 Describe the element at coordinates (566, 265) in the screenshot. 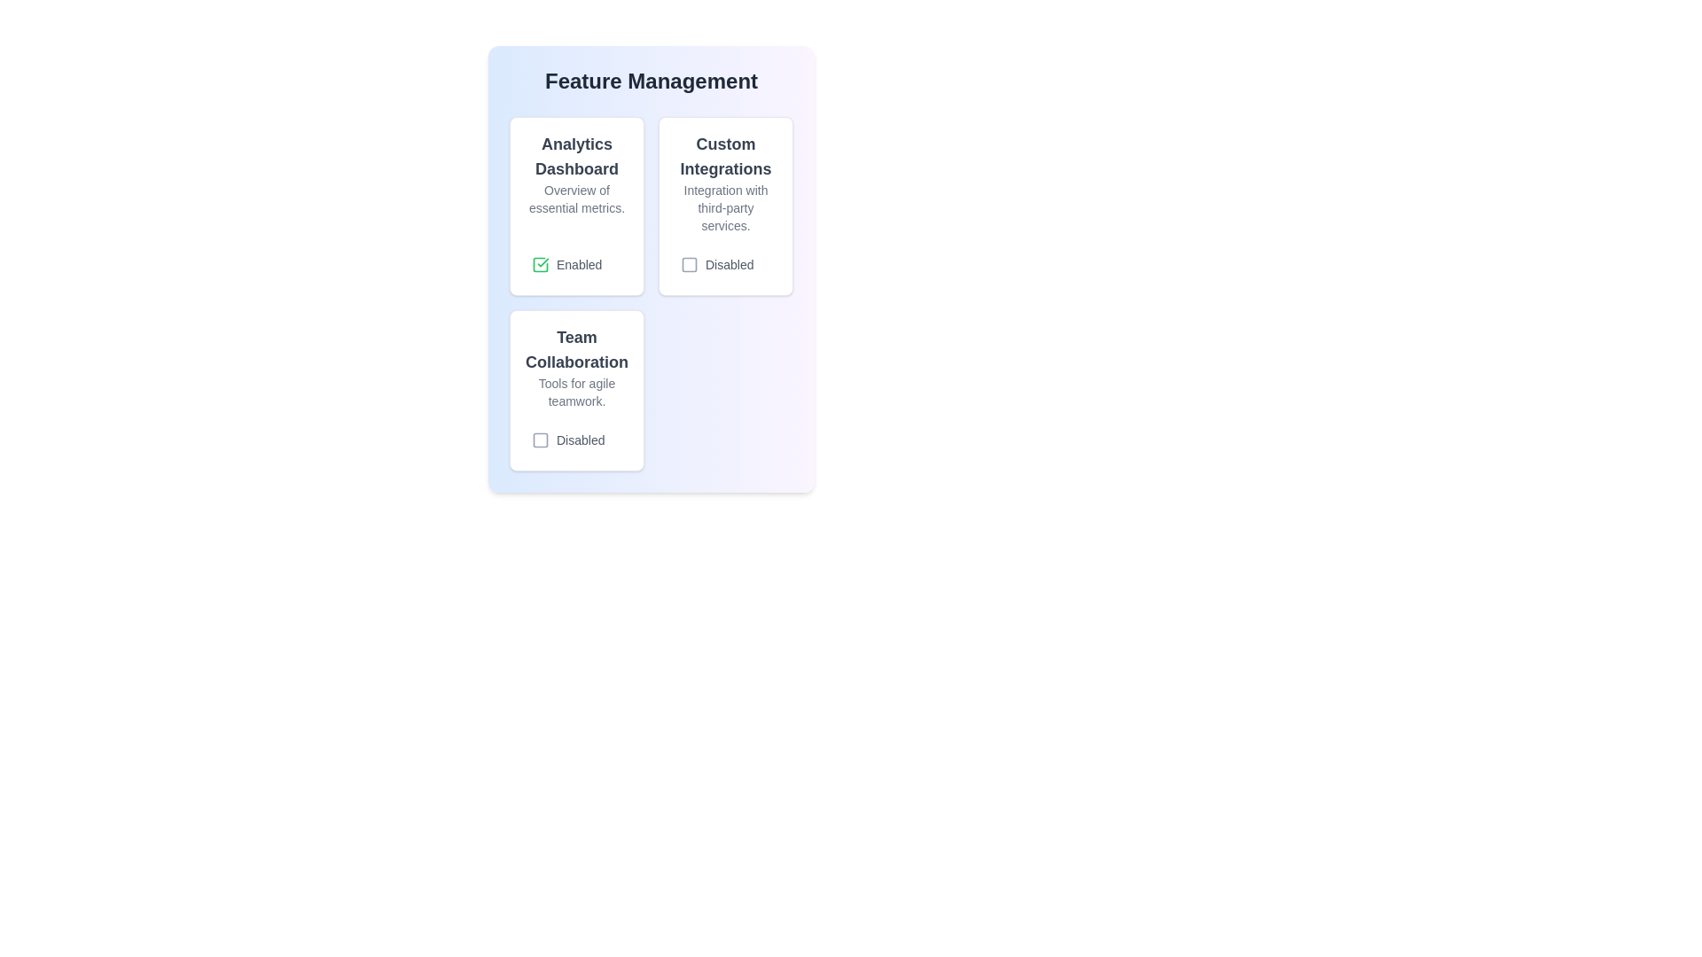

I see `the toggleable status indicator checkbox labeled 'Enabled' located within the 'Analytics Dashboard' card` at that location.